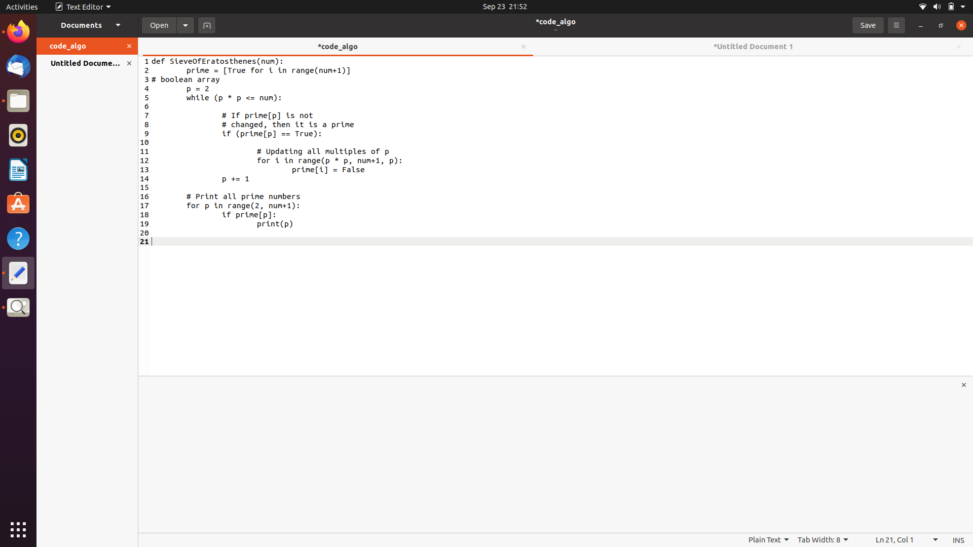  I want to click on End the unnamed file"s tab using the tab bar, so click(957, 46).